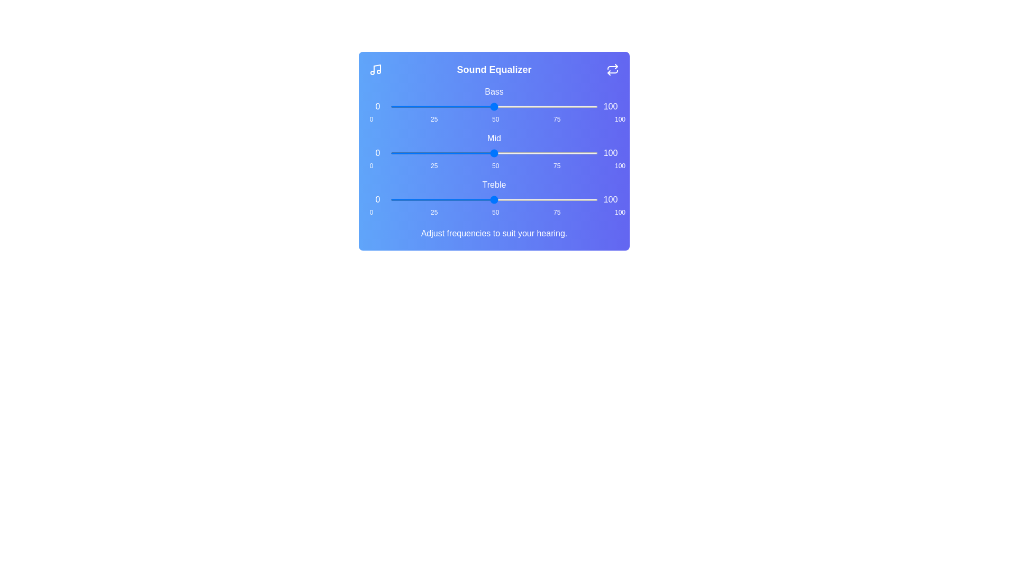  I want to click on the 'mid' slider to 4, so click(398, 153).